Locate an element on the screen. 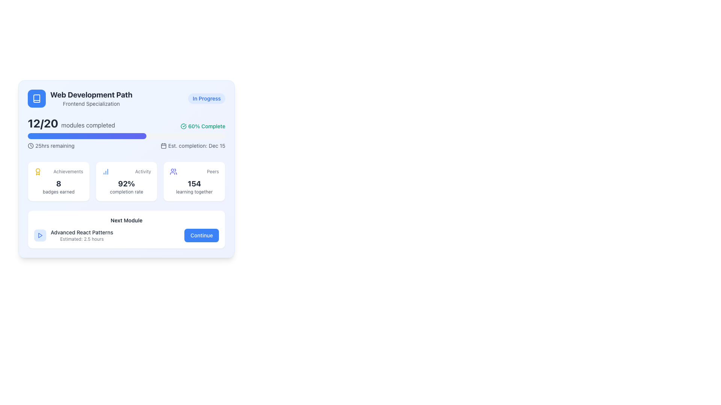 Image resolution: width=721 pixels, height=405 pixels. the blue triangle icon resembling a 'play' button located inside a rounded rectangle in the 'Next Module' section adjacent to the title 'Advanced React Patterns' is located at coordinates (39, 235).